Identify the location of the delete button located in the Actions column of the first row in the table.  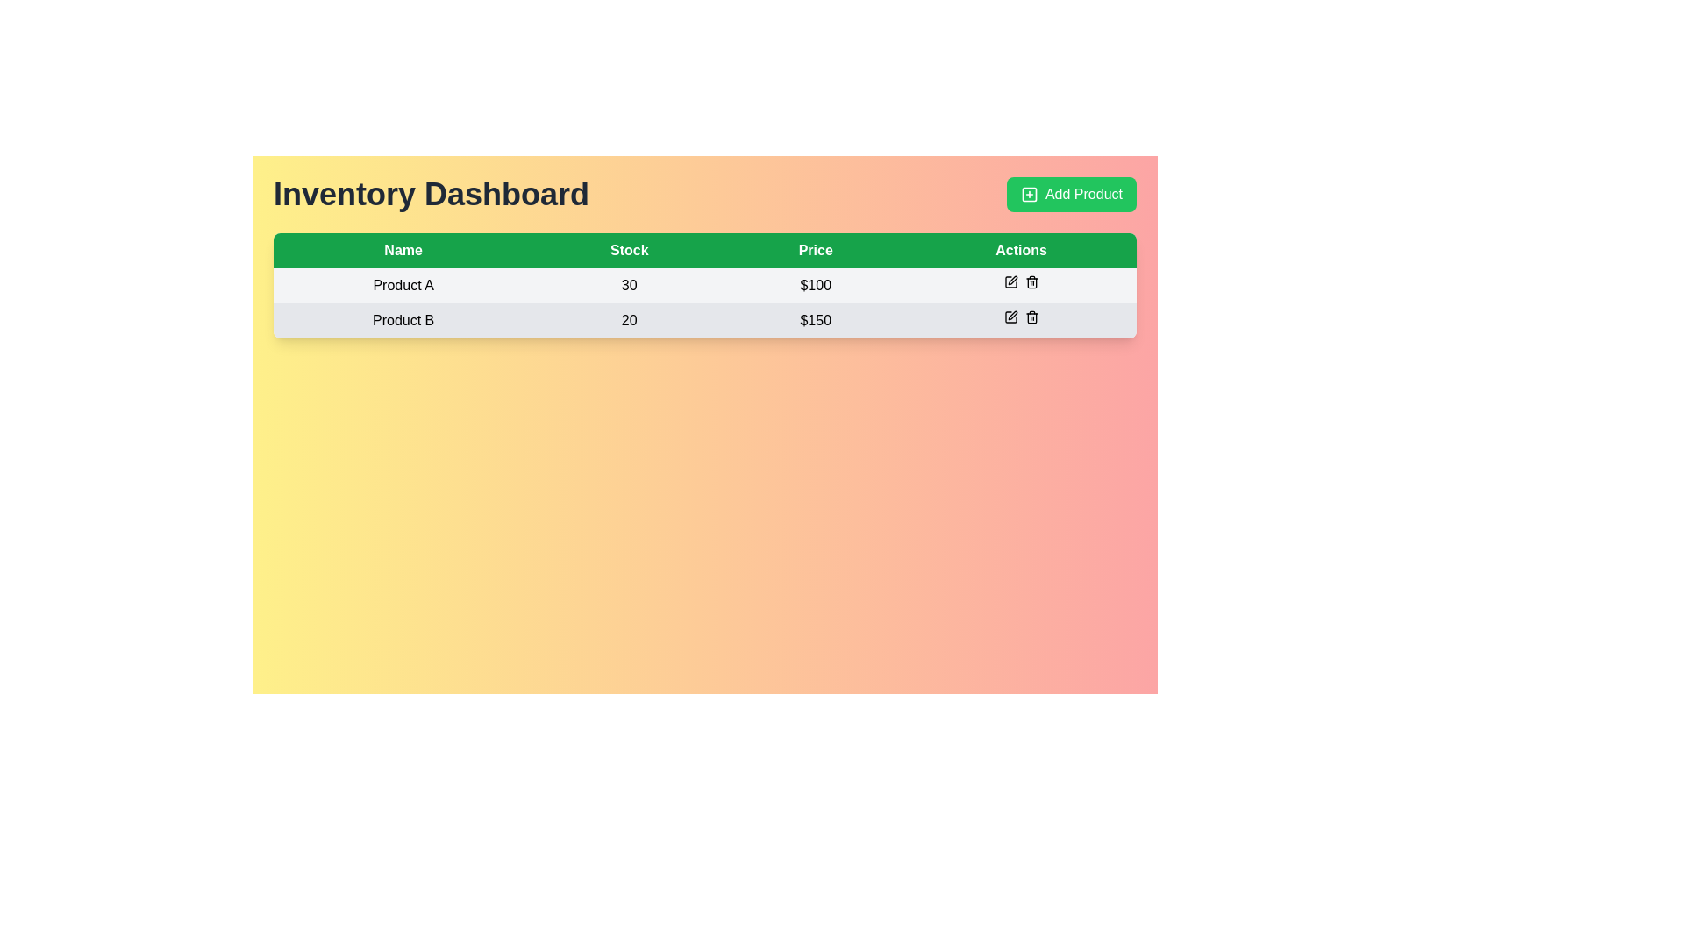
(1031, 281).